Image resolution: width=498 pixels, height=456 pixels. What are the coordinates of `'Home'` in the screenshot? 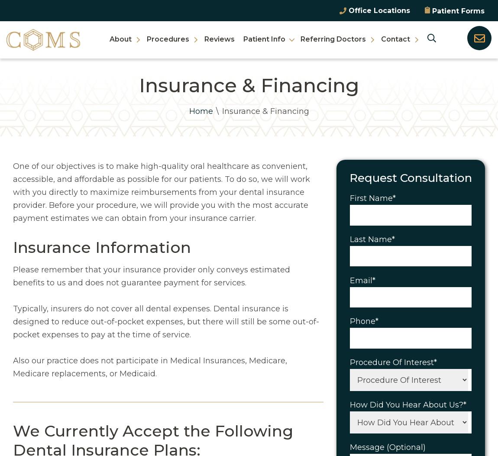 It's located at (200, 111).